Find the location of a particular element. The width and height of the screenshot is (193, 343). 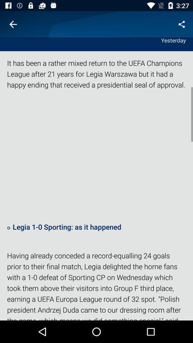

item at the top left corner is located at coordinates (13, 24).